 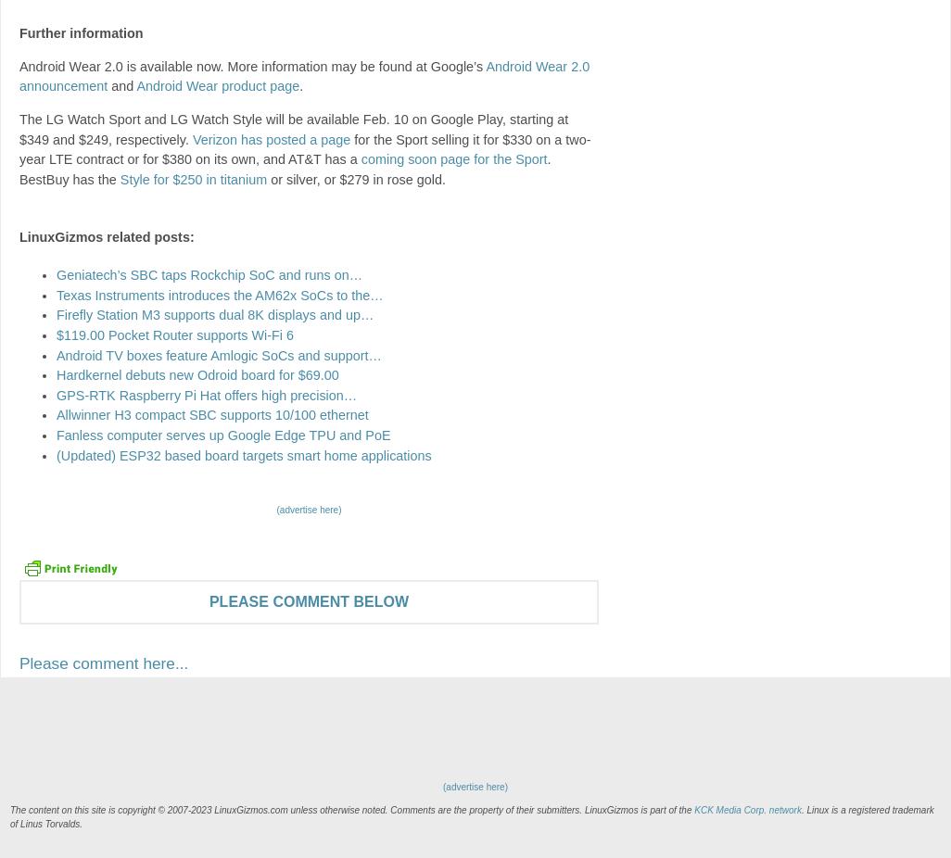 I want to click on 'Android TV boxes feature Amlogic SoCs and support…', so click(x=218, y=354).